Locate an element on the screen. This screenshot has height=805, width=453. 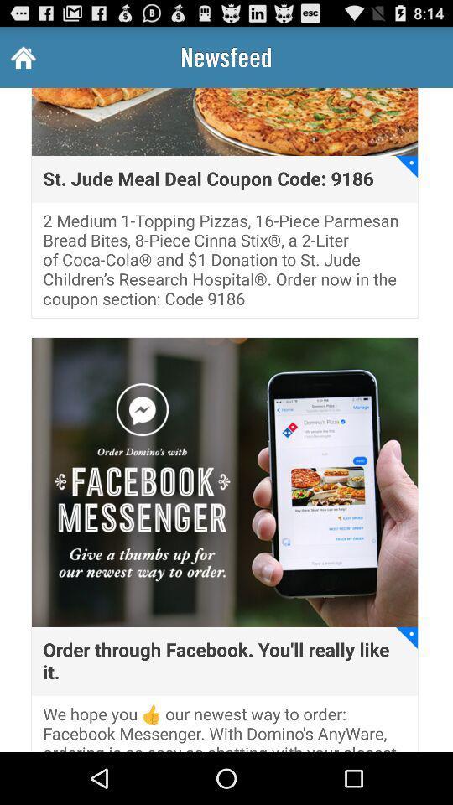
the st jude meal icon is located at coordinates (208, 179).